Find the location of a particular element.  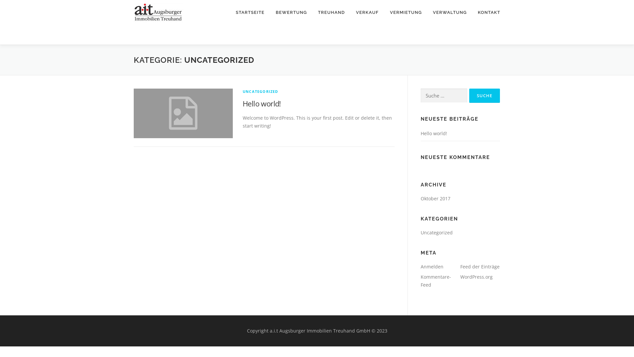

'Suche' is located at coordinates (469, 96).